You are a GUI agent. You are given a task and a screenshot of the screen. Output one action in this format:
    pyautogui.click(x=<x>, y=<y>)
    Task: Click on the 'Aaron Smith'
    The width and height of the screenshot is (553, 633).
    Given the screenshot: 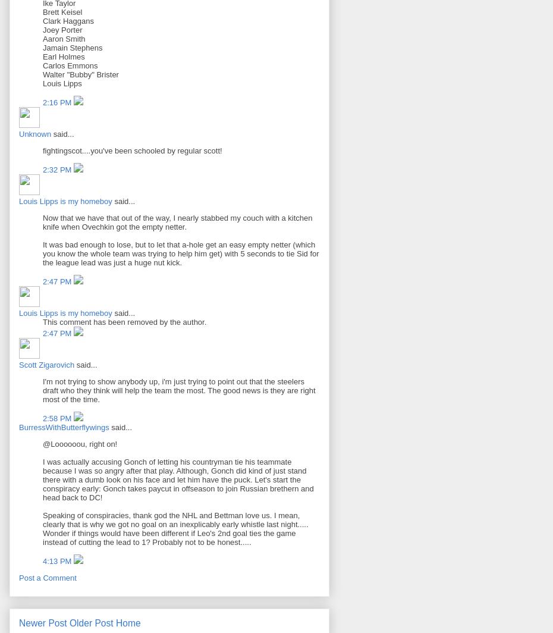 What is the action you would take?
    pyautogui.click(x=64, y=39)
    